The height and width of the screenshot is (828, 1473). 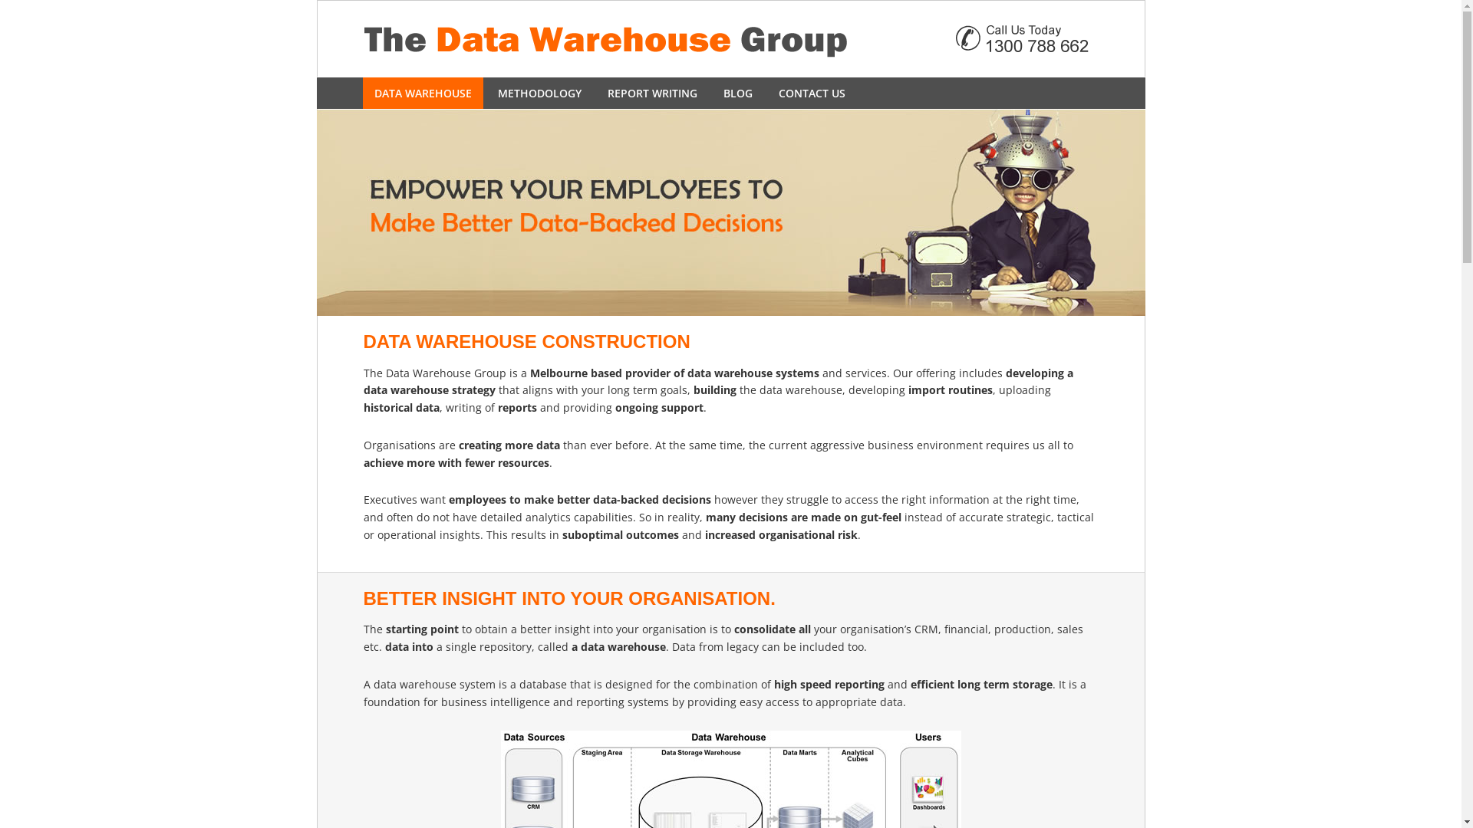 I want to click on 'The Data Warehouse Group', so click(x=729, y=38).